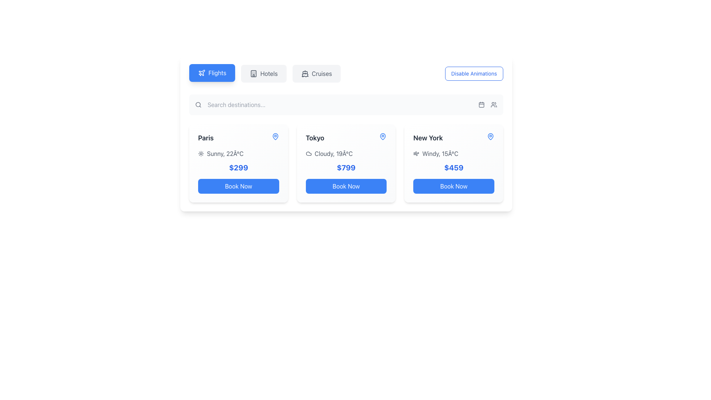 The image size is (711, 400). Describe the element at coordinates (264, 74) in the screenshot. I see `the 'Hotels' button in the horizontal navigation bar` at that location.